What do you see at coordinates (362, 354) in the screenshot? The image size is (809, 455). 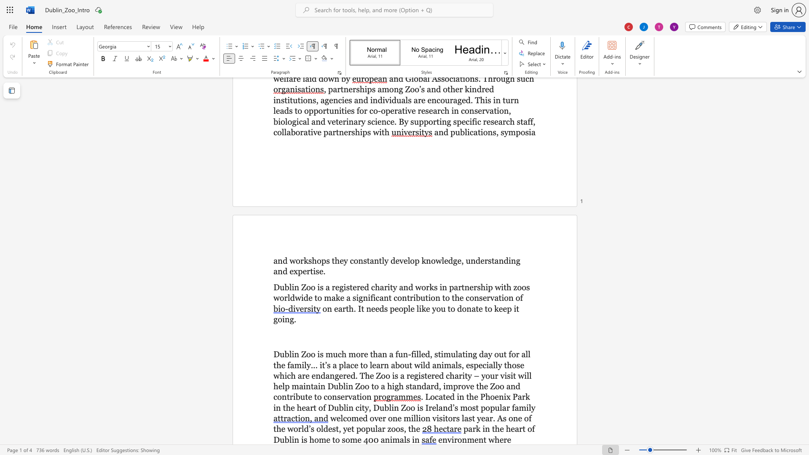 I see `the 1th character "r" in the text` at bounding box center [362, 354].